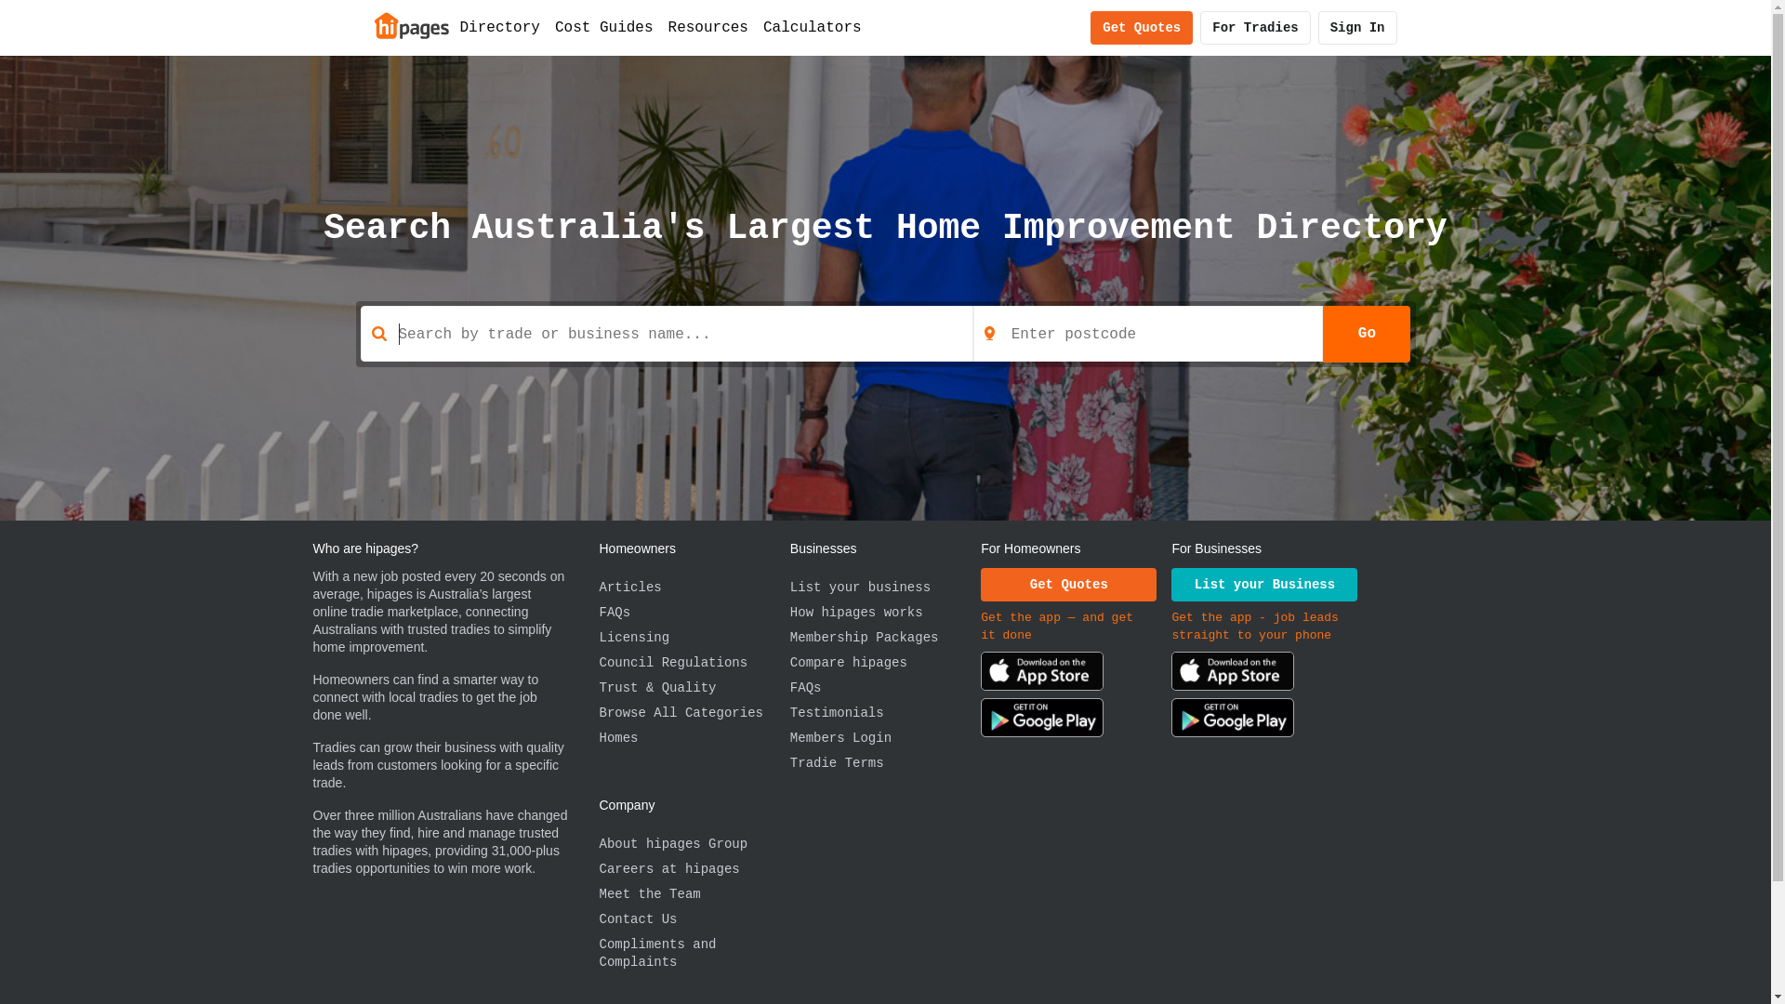  What do you see at coordinates (884, 763) in the screenshot?
I see `'Tradie Terms'` at bounding box center [884, 763].